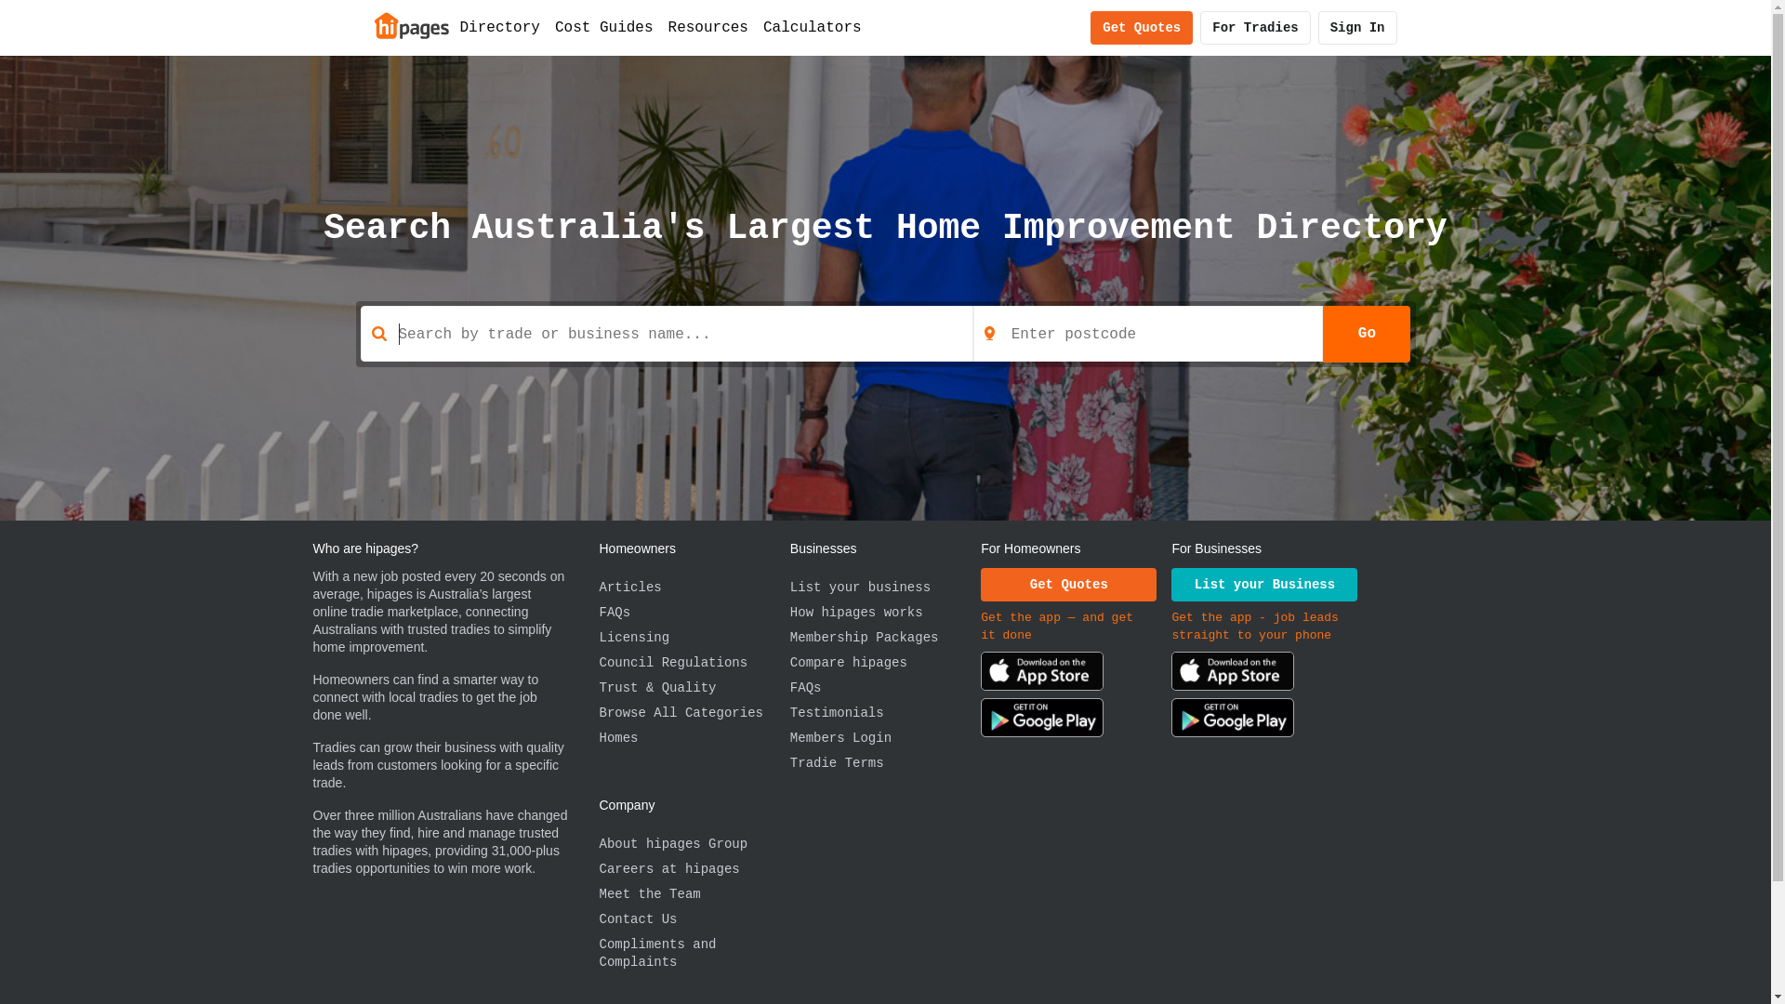  What do you see at coordinates (884, 763) in the screenshot?
I see `'Tradie Terms'` at bounding box center [884, 763].